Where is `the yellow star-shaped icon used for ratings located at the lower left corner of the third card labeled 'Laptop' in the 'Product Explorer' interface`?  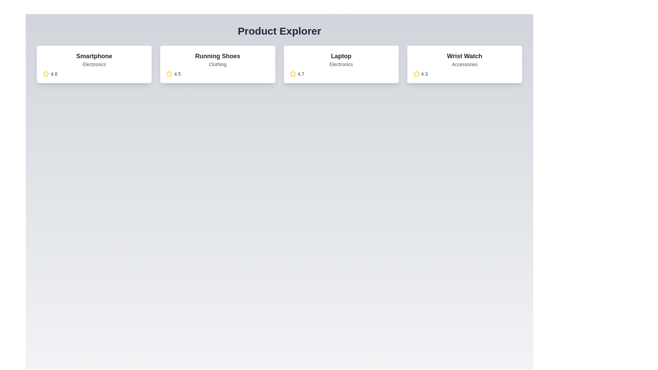 the yellow star-shaped icon used for ratings located at the lower left corner of the third card labeled 'Laptop' in the 'Product Explorer' interface is located at coordinates (293, 74).